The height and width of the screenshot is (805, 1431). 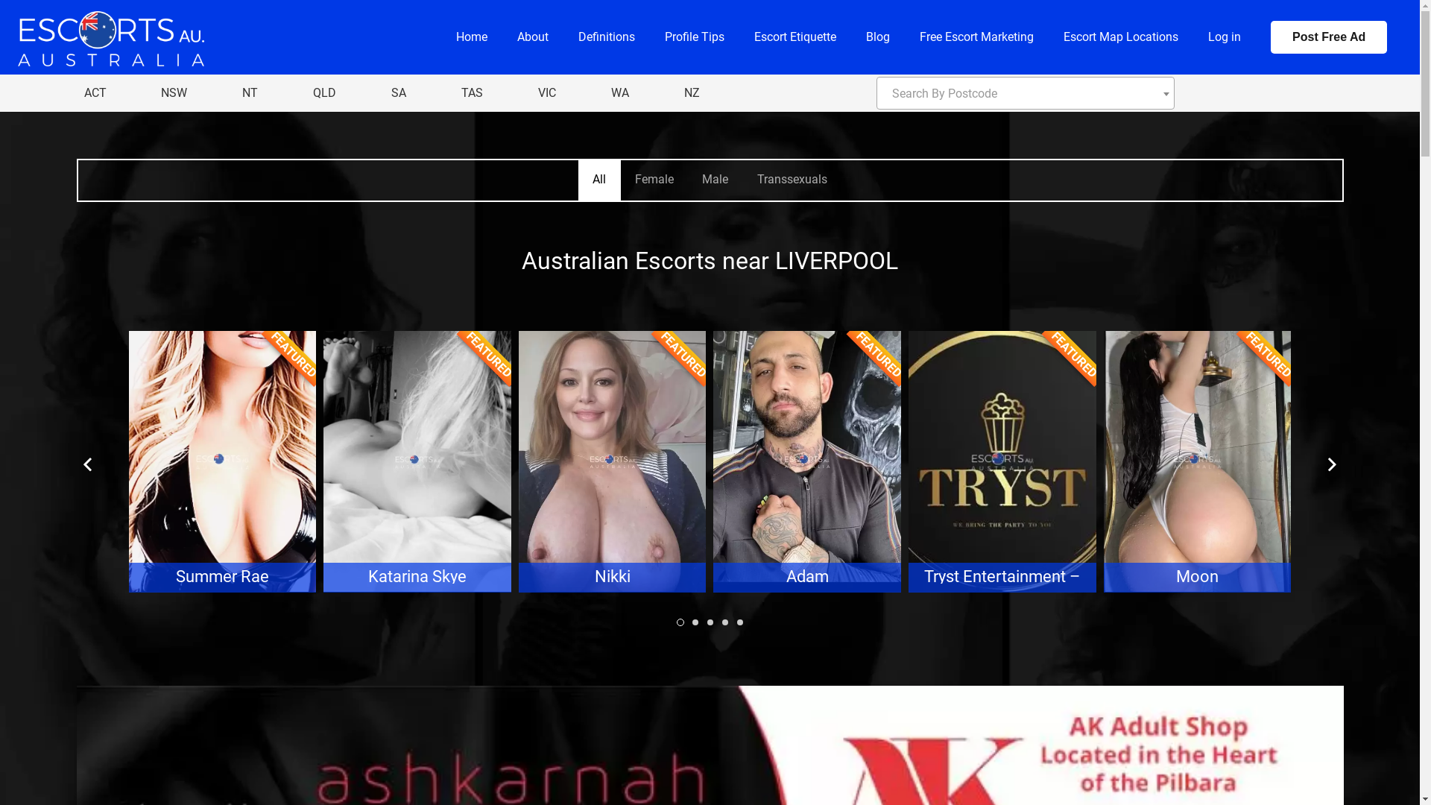 What do you see at coordinates (794, 37) in the screenshot?
I see `'Escort Etiquette'` at bounding box center [794, 37].